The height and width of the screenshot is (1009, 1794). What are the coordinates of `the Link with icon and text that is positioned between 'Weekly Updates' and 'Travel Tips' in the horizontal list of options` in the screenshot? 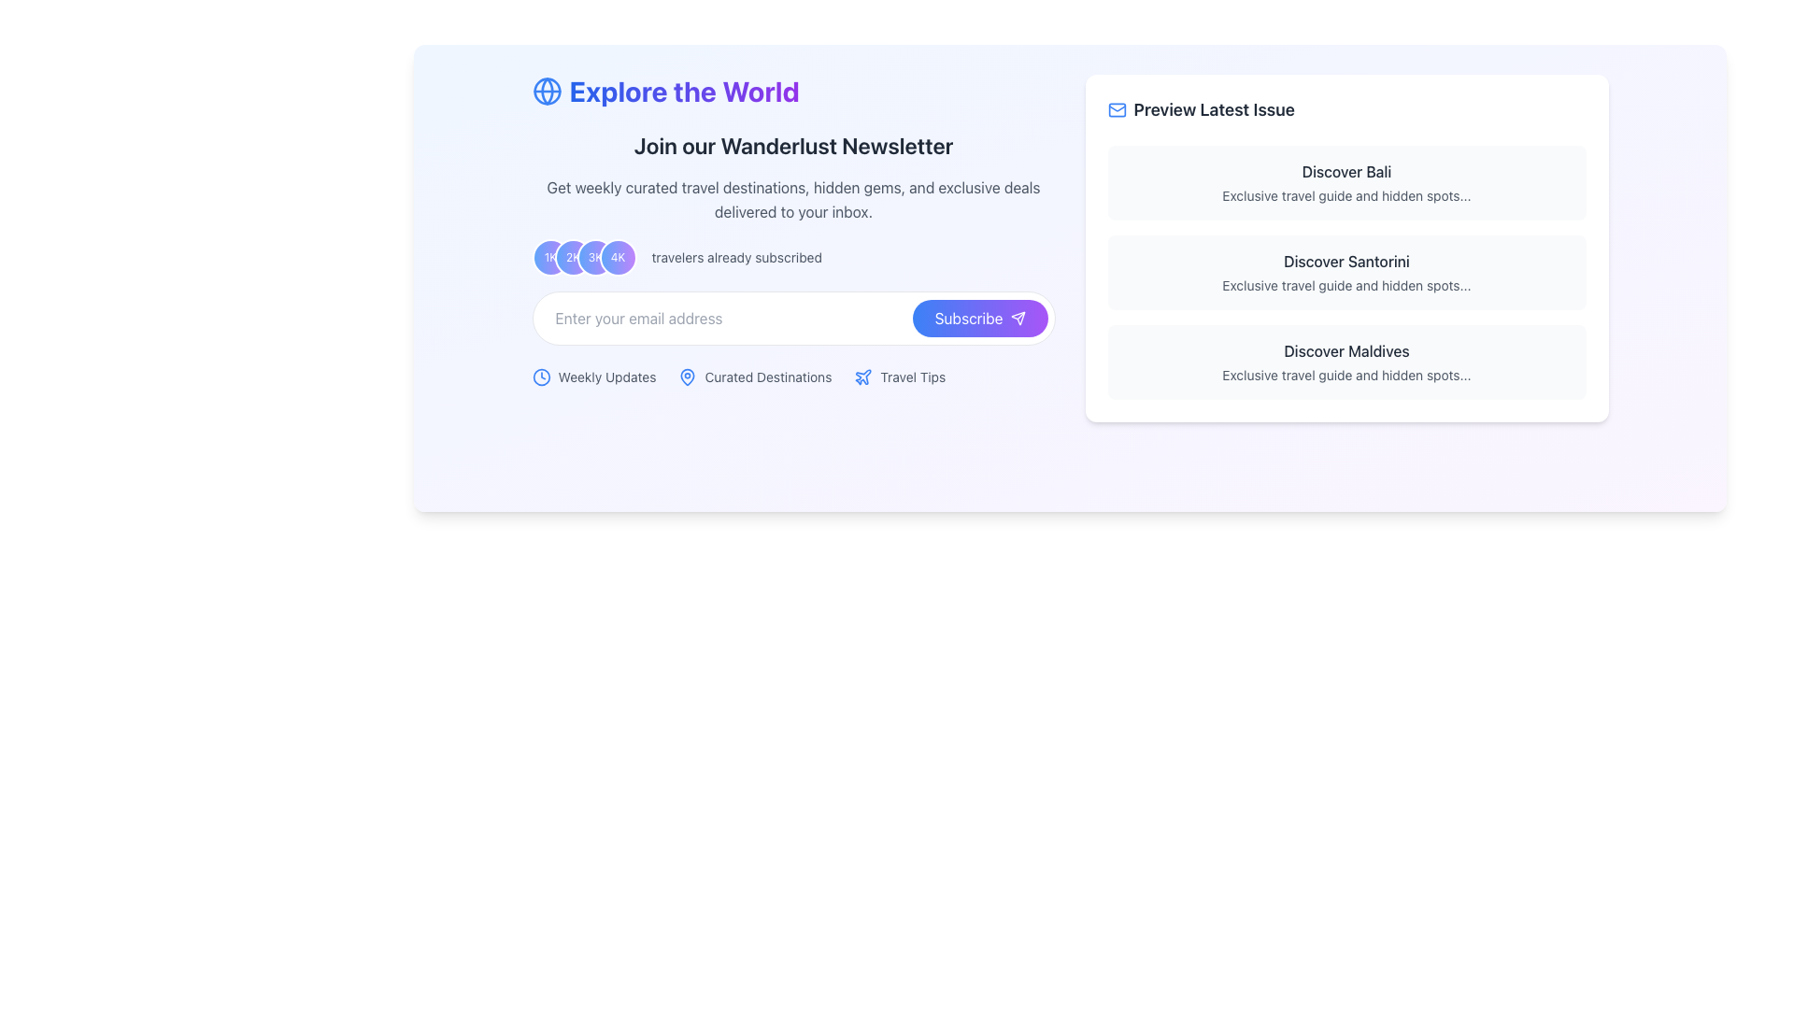 It's located at (755, 377).